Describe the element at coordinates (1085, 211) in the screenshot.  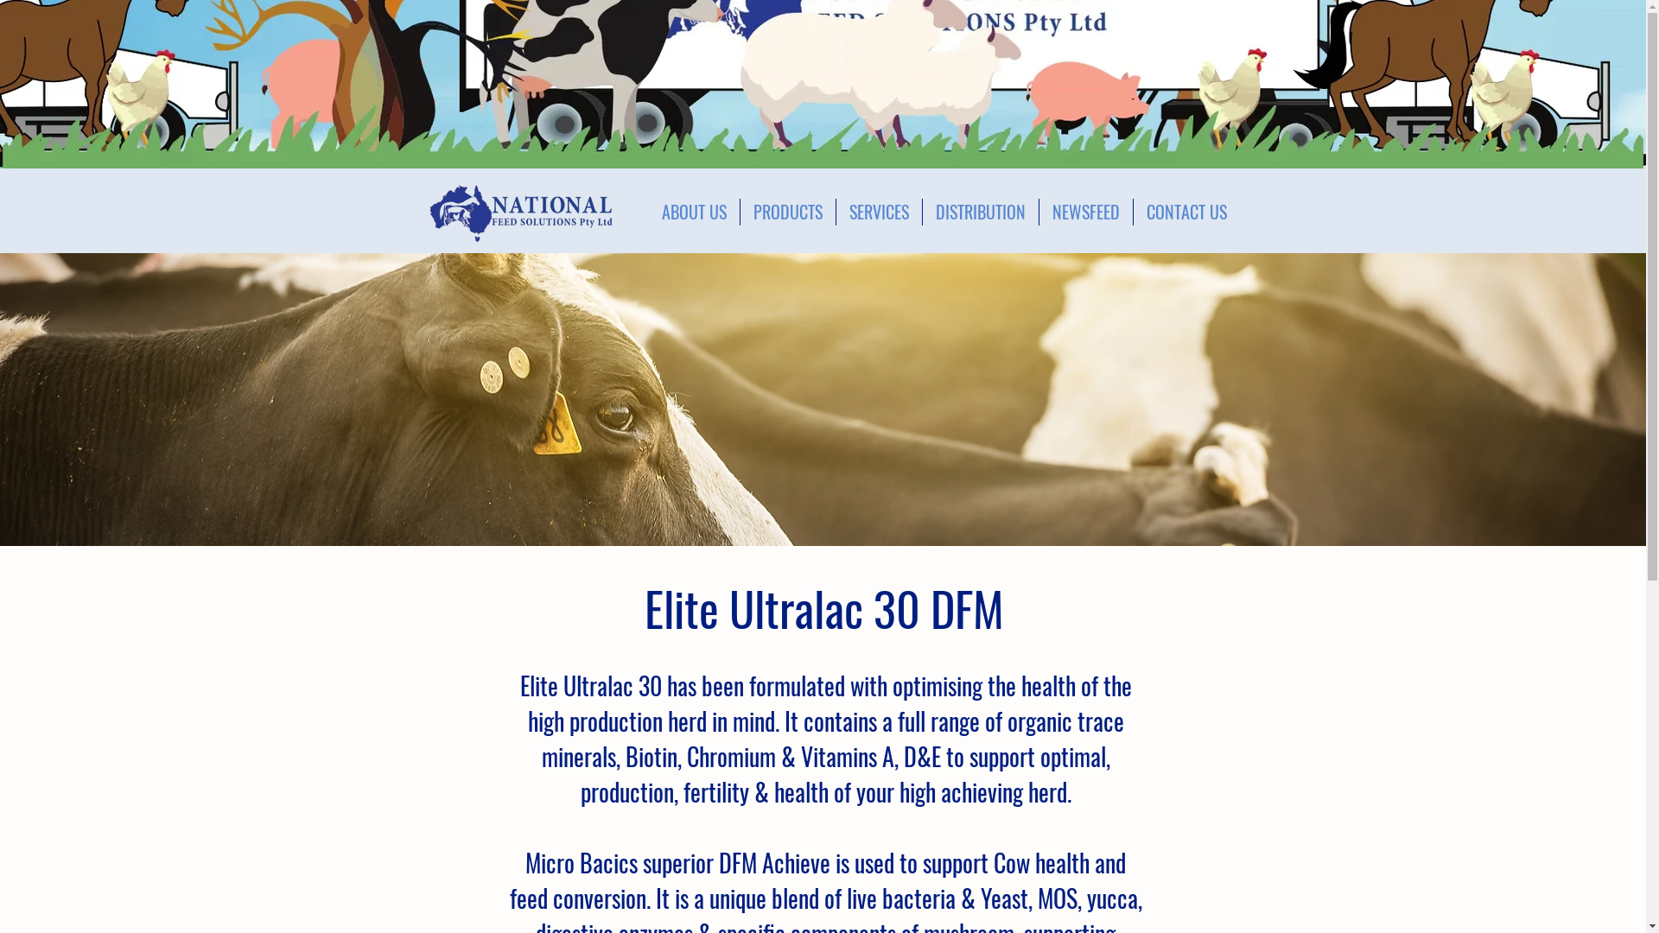
I see `'NEWSFEED'` at that location.